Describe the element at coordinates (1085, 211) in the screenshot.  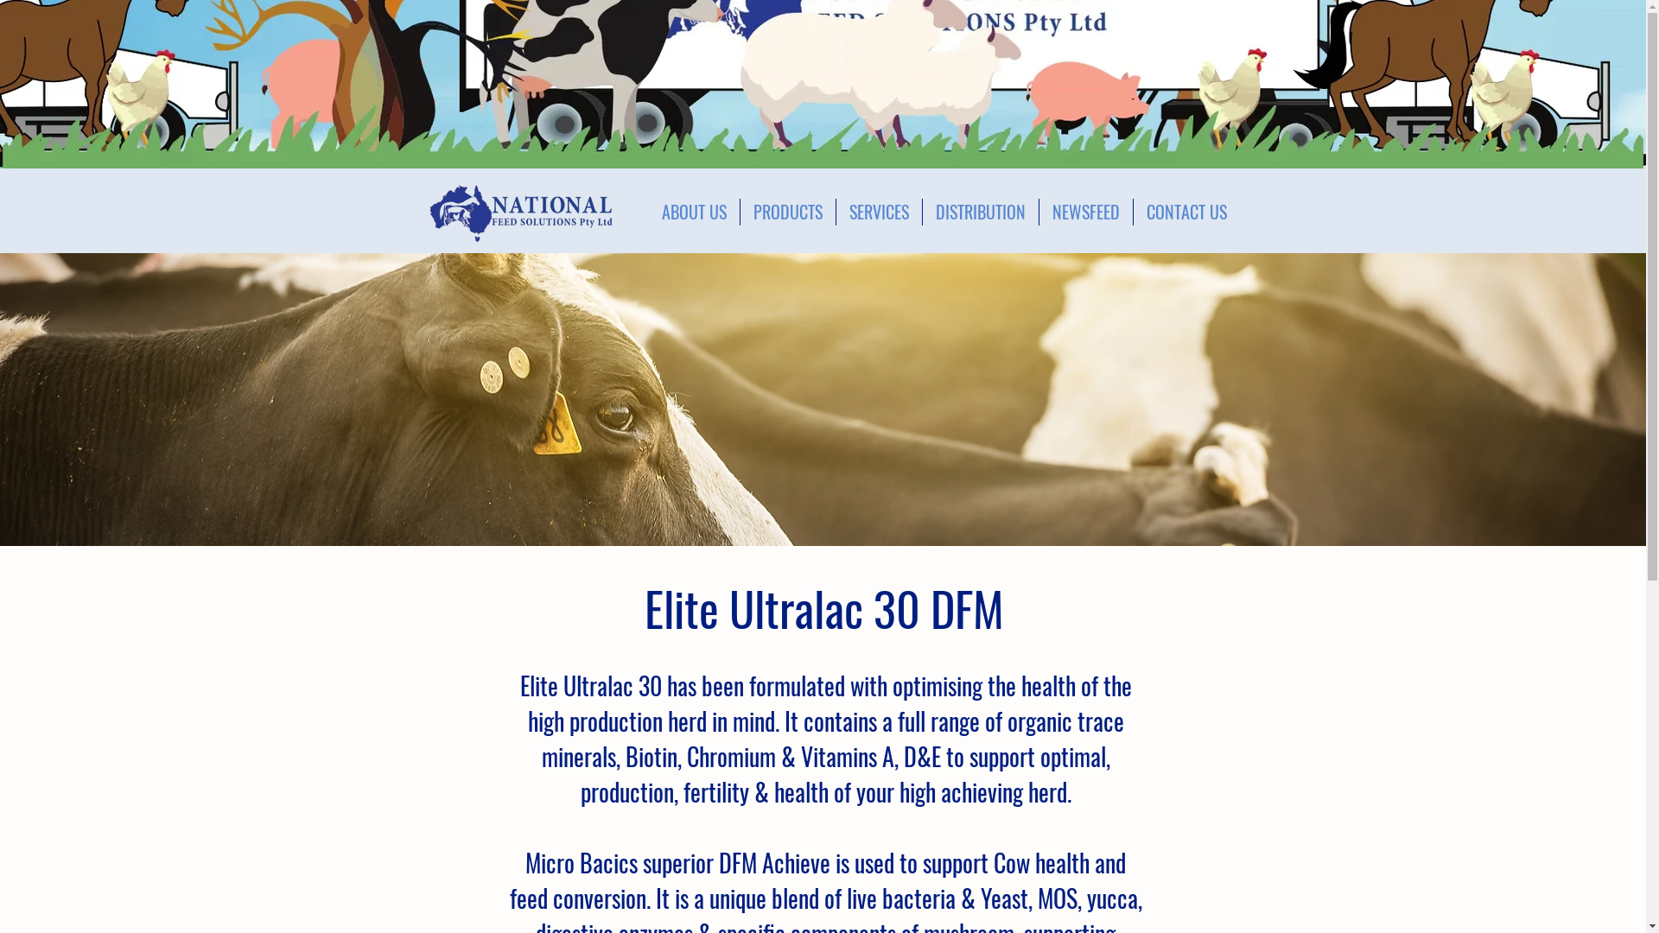
I see `'NEWSFEED'` at that location.